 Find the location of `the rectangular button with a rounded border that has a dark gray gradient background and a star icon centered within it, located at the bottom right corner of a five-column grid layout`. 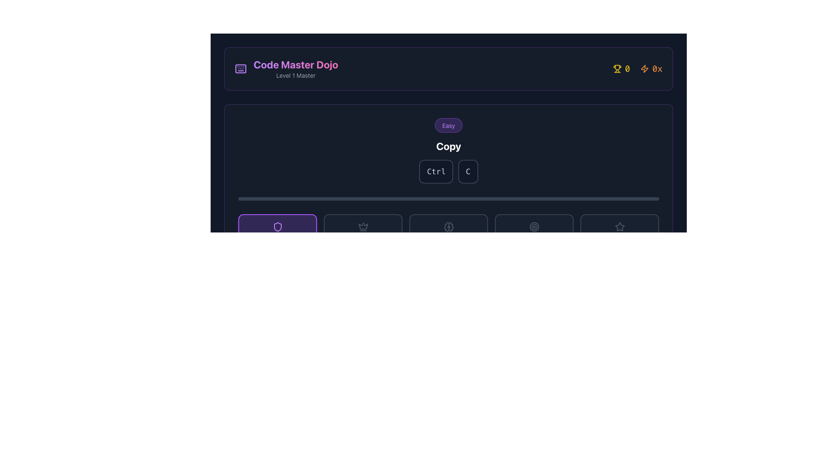

the rectangular button with a rounded border that has a dark gray gradient background and a star icon centered within it, located at the bottom right corner of a five-column grid layout is located at coordinates (620, 226).